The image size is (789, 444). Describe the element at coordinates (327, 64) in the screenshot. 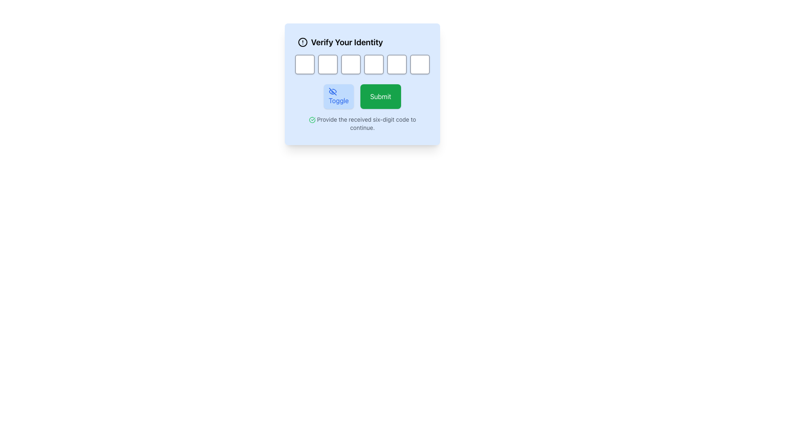

I see `the second input box in the sequence of six input boxes below the title 'Verify Your Identity'` at that location.